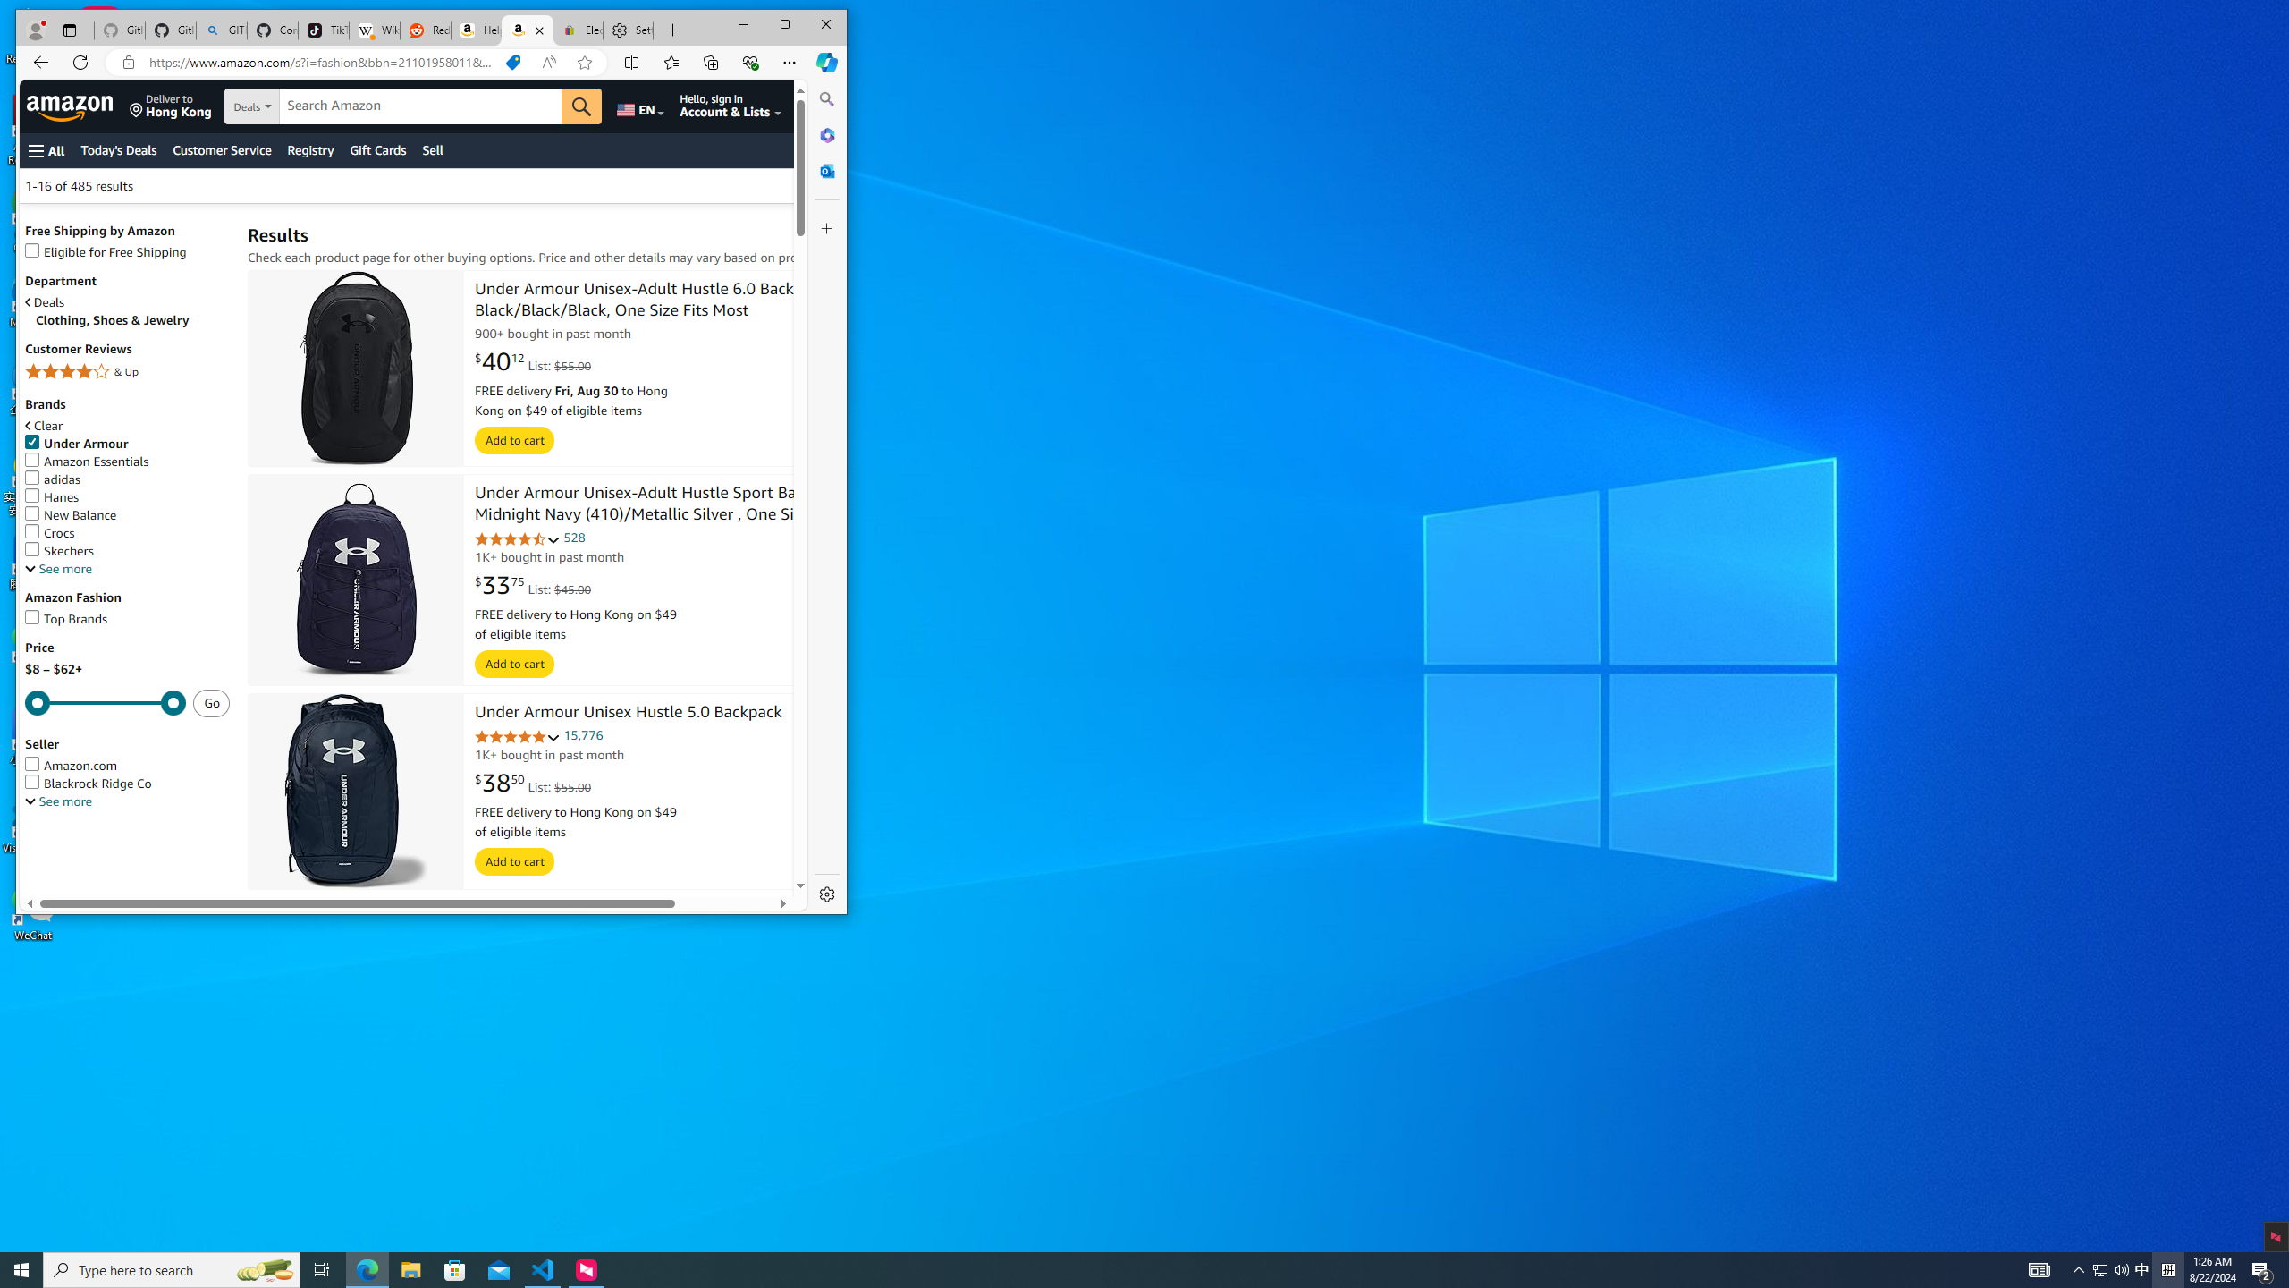  What do you see at coordinates (51, 496) in the screenshot?
I see `'Hanes'` at bounding box center [51, 496].